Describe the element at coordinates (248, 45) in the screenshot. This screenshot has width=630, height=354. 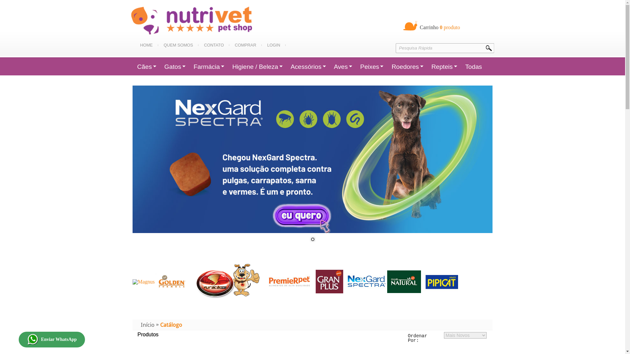
I see `'COMPRAR'` at that location.